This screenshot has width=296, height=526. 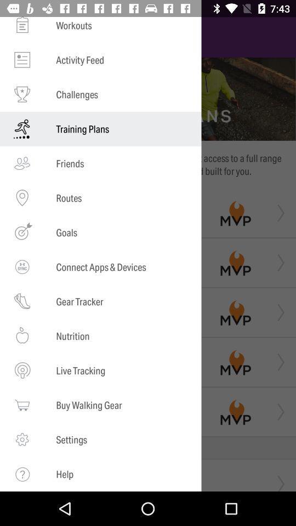 What do you see at coordinates (278, 262) in the screenshot?
I see `the second arrow from the top which is right to the mvp` at bounding box center [278, 262].